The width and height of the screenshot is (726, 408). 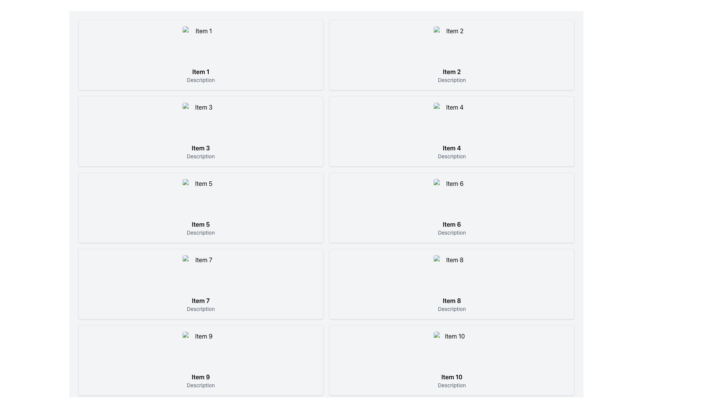 I want to click on the text label displaying 'Description', which is styled in a small, gray font and located below the 'Item 2' text and image in the second group of the grid, so click(x=452, y=80).